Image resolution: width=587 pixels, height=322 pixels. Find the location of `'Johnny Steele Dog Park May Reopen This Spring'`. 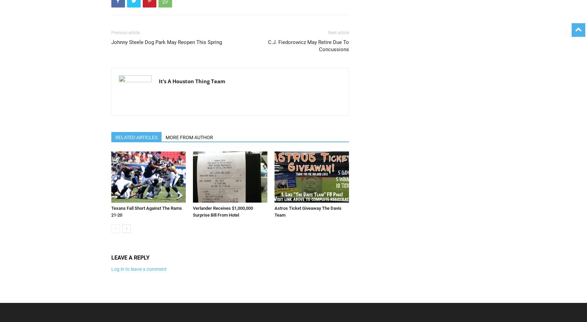

'Johnny Steele Dog Park May Reopen This Spring' is located at coordinates (111, 42).